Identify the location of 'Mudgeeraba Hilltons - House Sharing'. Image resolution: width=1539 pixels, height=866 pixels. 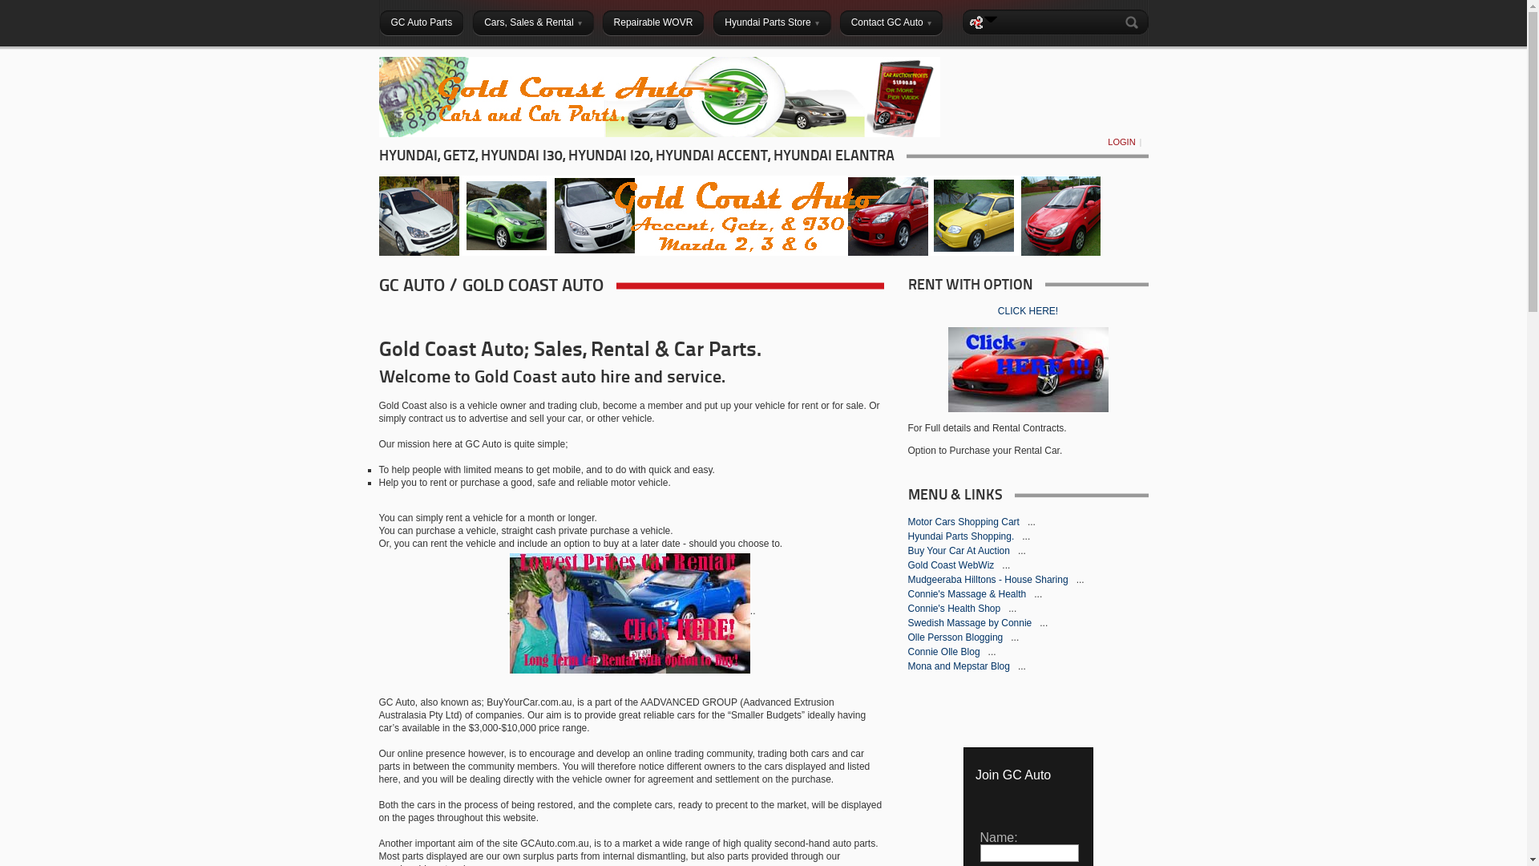
(988, 579).